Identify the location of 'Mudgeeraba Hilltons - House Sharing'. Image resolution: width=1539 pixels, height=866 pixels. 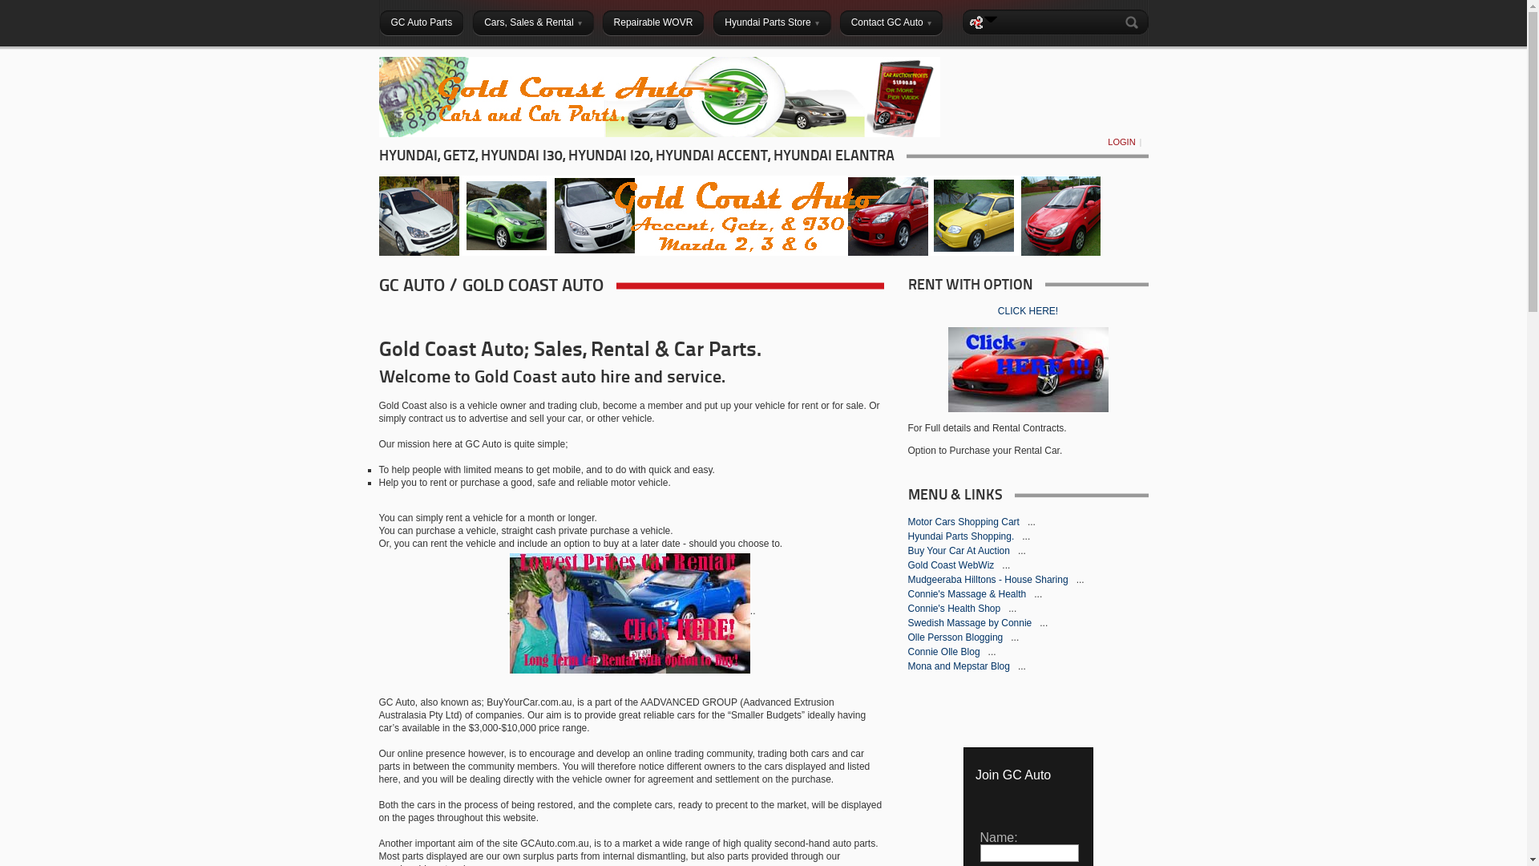
(988, 579).